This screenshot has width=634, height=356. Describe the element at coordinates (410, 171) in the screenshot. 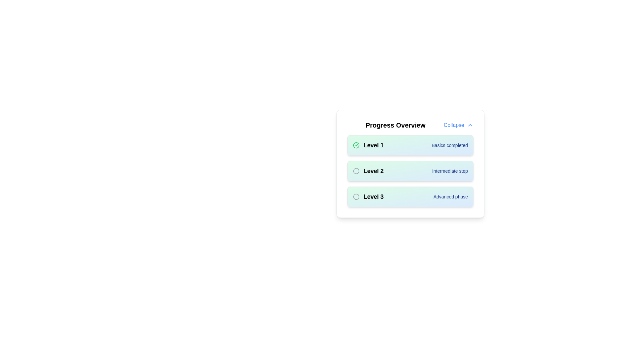

I see `the Progress level item located centrally in the progress overview section, positioned between 'Level 1' and 'Level 3'` at that location.